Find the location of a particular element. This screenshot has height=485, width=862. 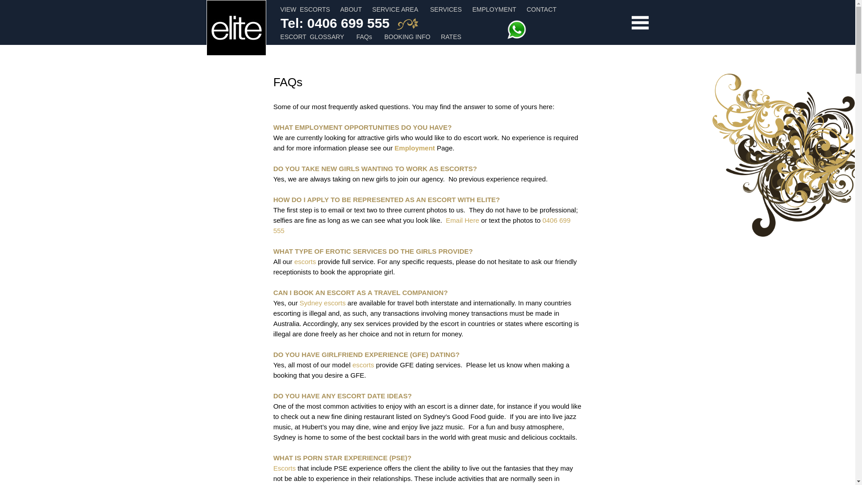

'escorts' is located at coordinates (363, 365).